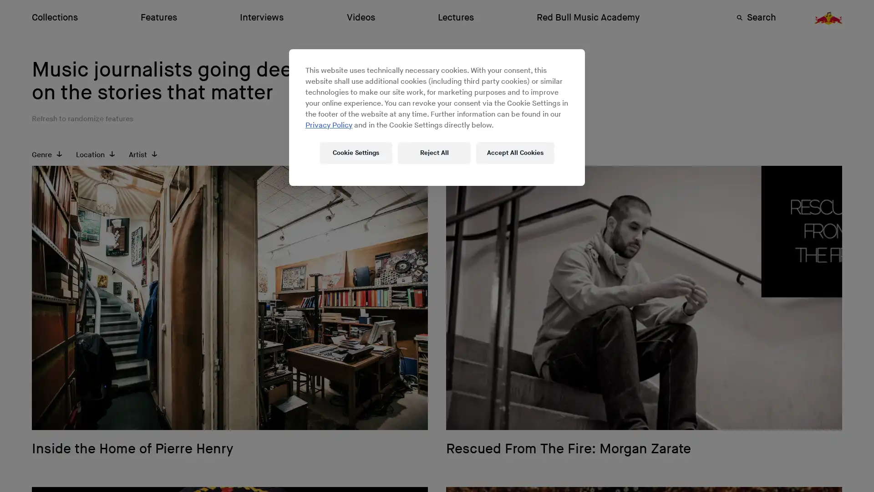  I want to click on Artist, so click(142, 154).